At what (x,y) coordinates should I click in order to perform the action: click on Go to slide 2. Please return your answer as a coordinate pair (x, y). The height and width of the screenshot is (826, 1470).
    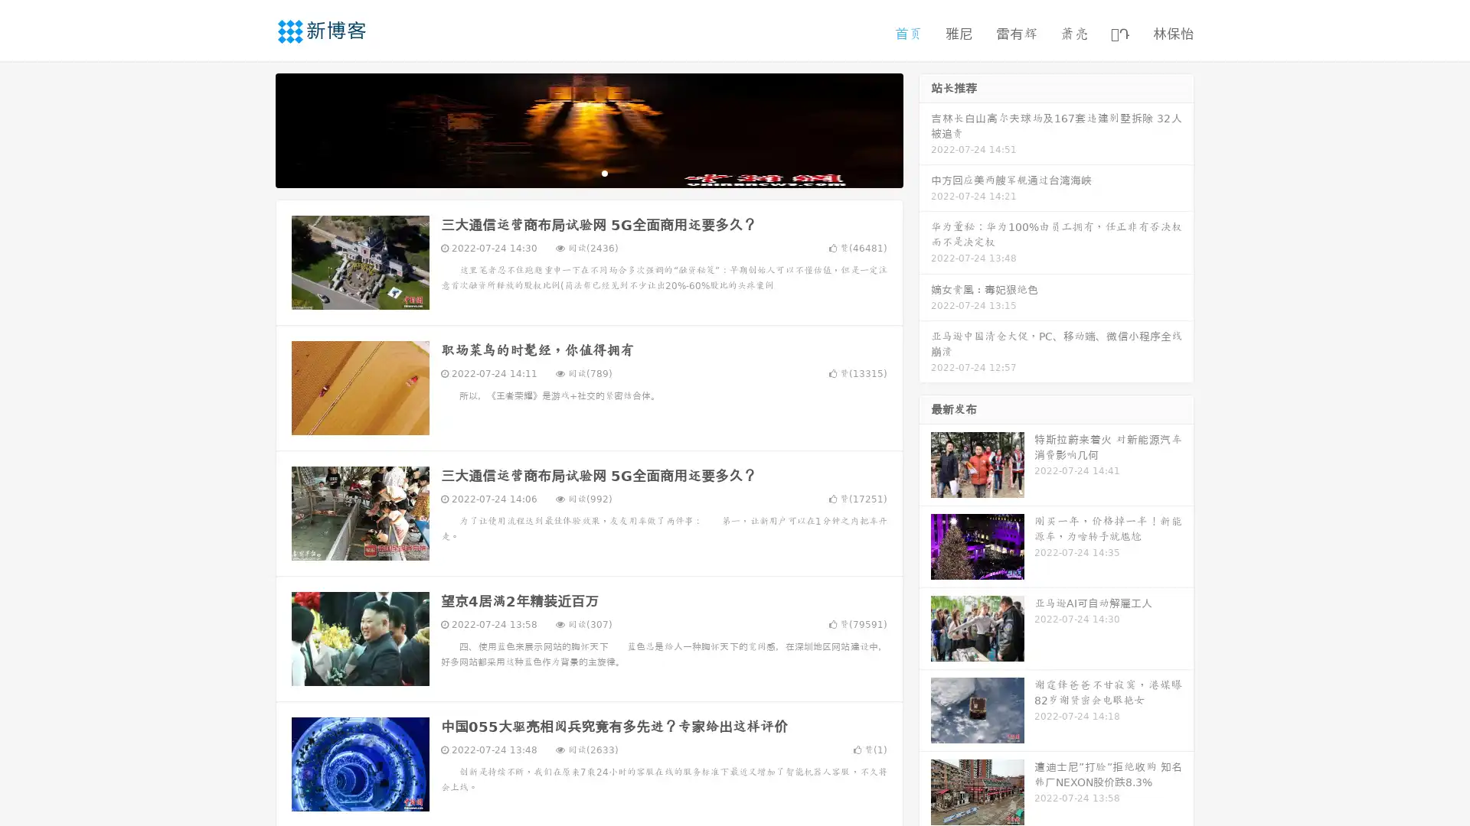
    Looking at the image, I should click on (588, 172).